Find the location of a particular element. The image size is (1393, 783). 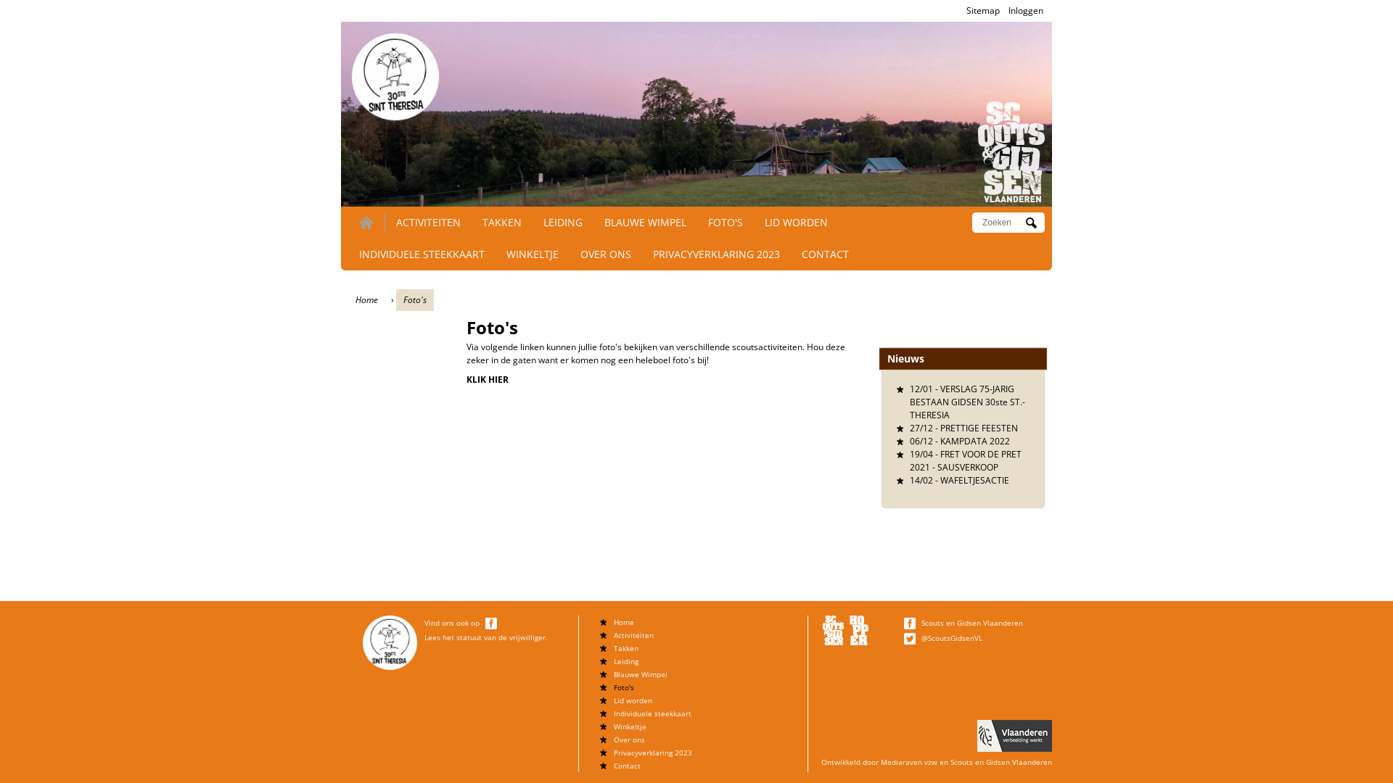

'Individuele steekkaart' is located at coordinates (652, 712).